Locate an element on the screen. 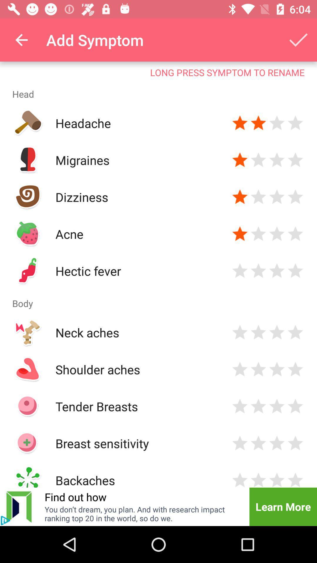 This screenshot has width=317, height=563. learn more is located at coordinates (283, 506).